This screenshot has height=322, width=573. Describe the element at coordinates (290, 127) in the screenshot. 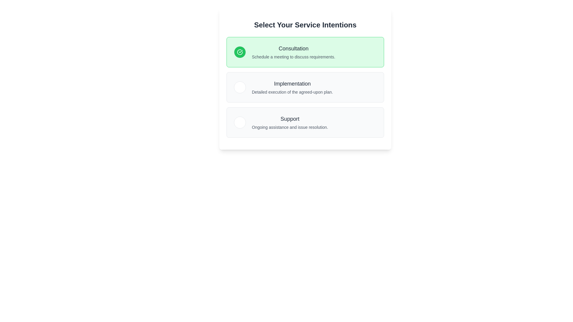

I see `the text label that displays 'Ongoing assistance and issue resolution.' which is located underneath the 'Support' heading in the third option card` at that location.